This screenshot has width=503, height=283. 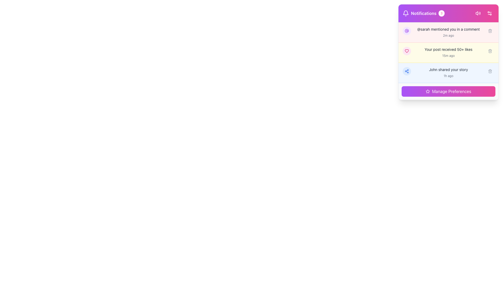 I want to click on timestamp text label located at the bottom-right corner of the notification card, which indicates that the event occurred '1 hour ago', so click(x=448, y=76).